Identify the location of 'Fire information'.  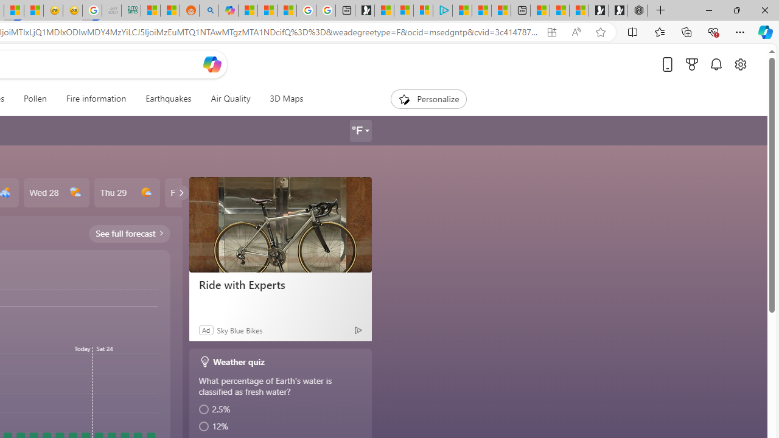
(95, 99).